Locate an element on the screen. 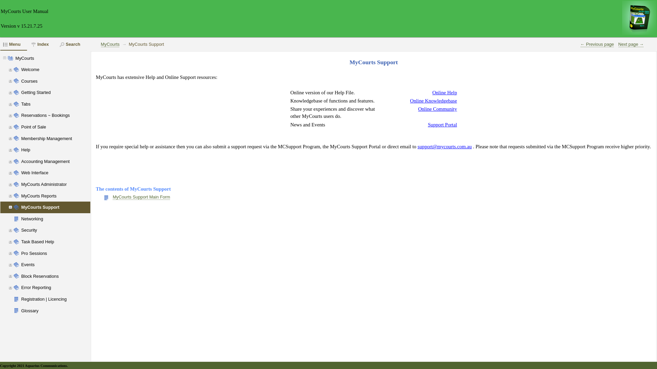 The width and height of the screenshot is (657, 369). 'Membership Management' is located at coordinates (64, 138).